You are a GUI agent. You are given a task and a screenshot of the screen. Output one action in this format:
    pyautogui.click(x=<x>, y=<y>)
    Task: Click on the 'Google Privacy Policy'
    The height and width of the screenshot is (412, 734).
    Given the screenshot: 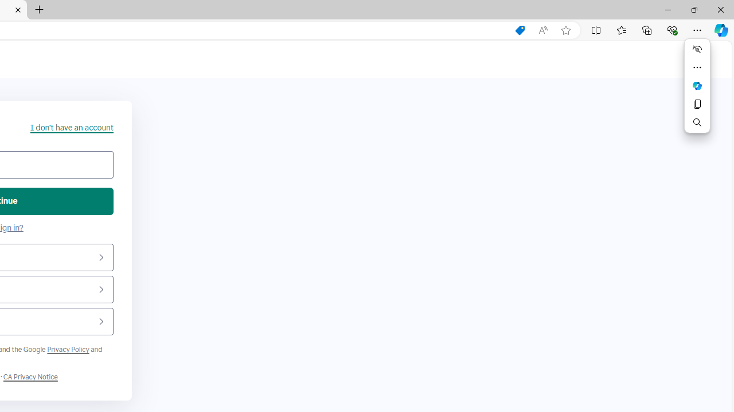 What is the action you would take?
    pyautogui.click(x=68, y=348)
    